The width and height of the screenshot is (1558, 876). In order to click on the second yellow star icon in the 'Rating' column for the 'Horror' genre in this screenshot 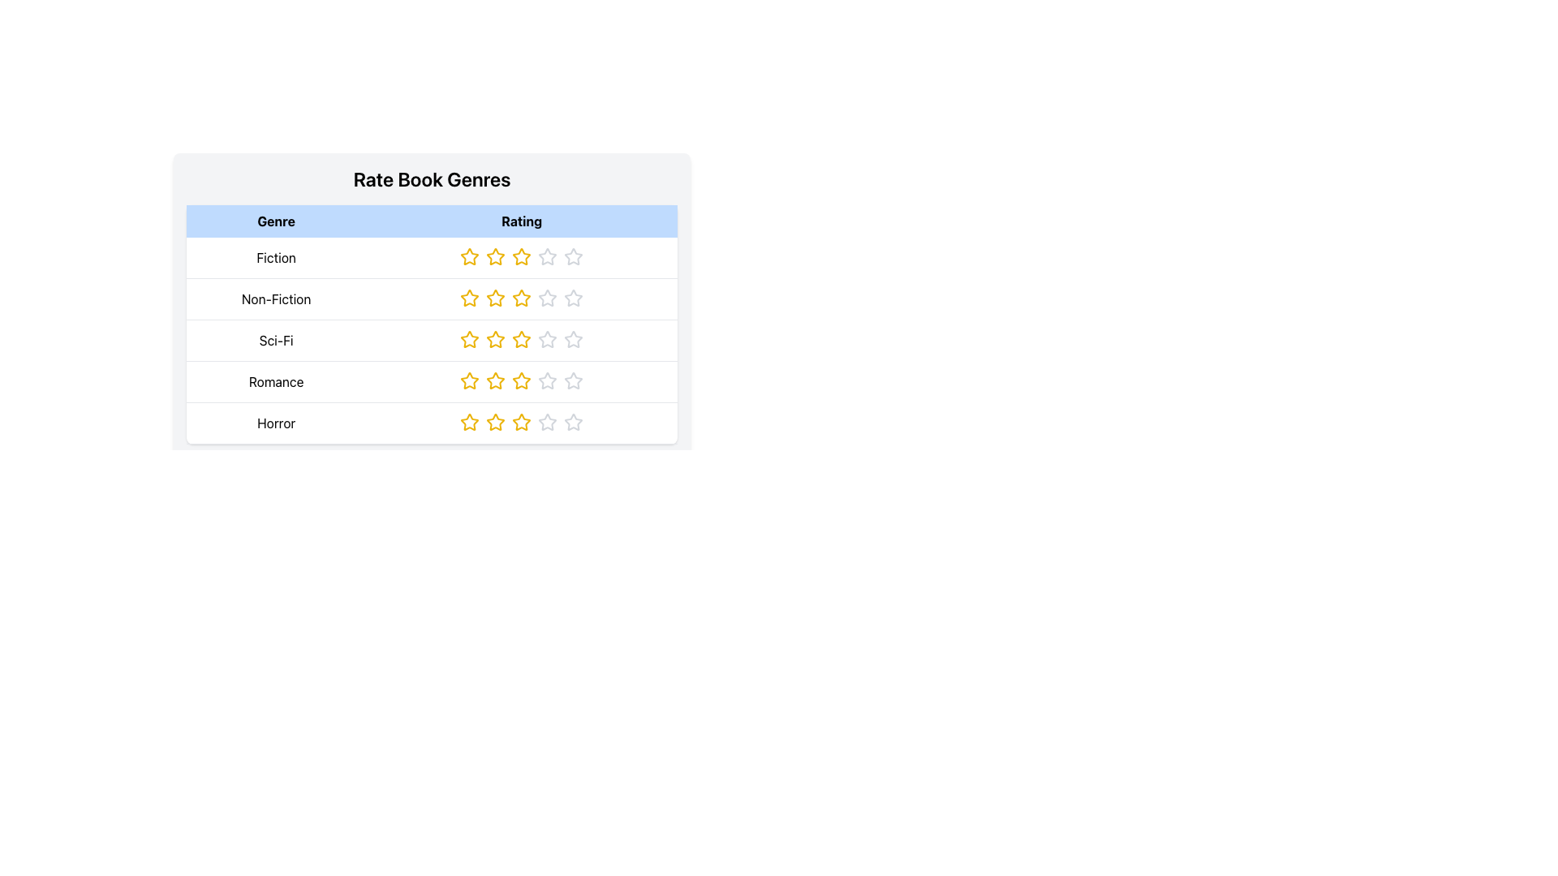, I will do `click(522, 421)`.